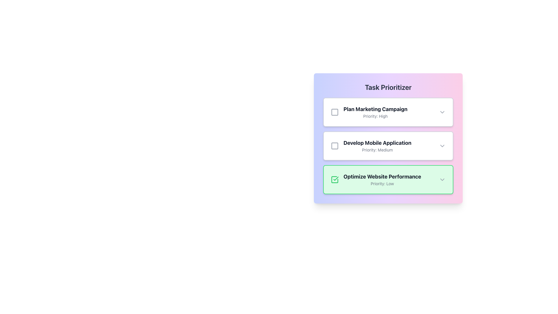  I want to click on the unselected checkbox located to the left of the text 'Develop Mobile Application' in the 'Task Prioritizer' list, so click(335, 145).